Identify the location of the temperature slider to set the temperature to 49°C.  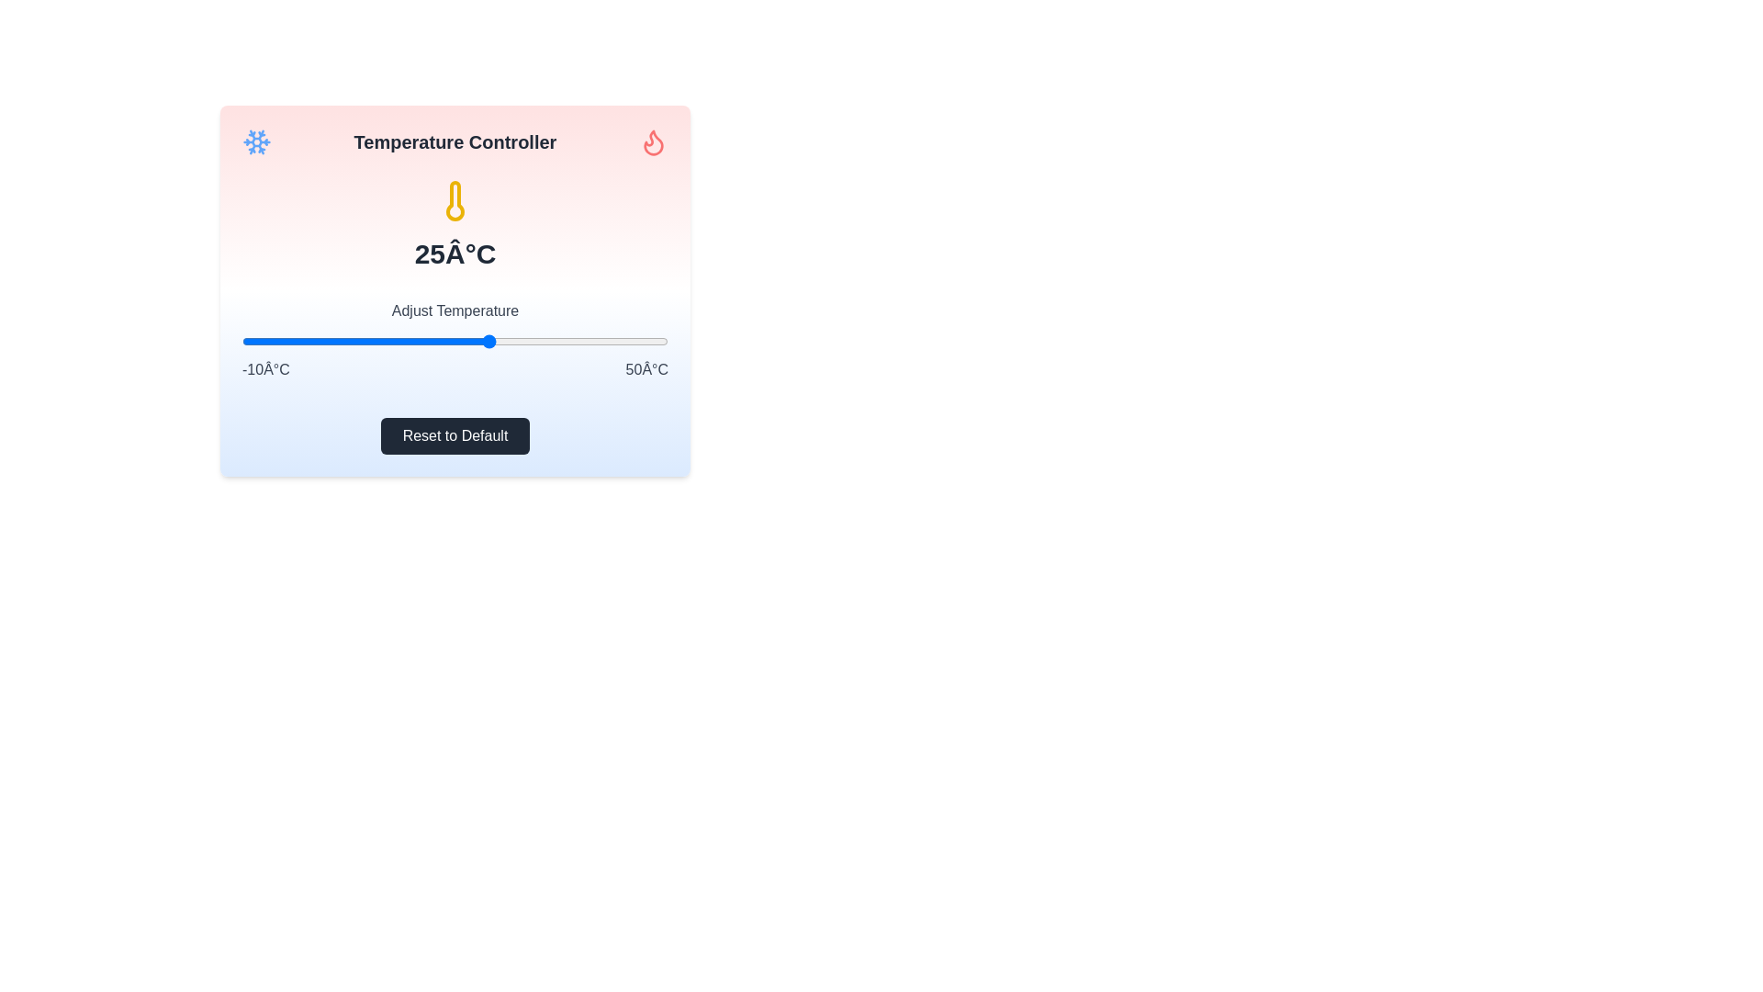
(661, 341).